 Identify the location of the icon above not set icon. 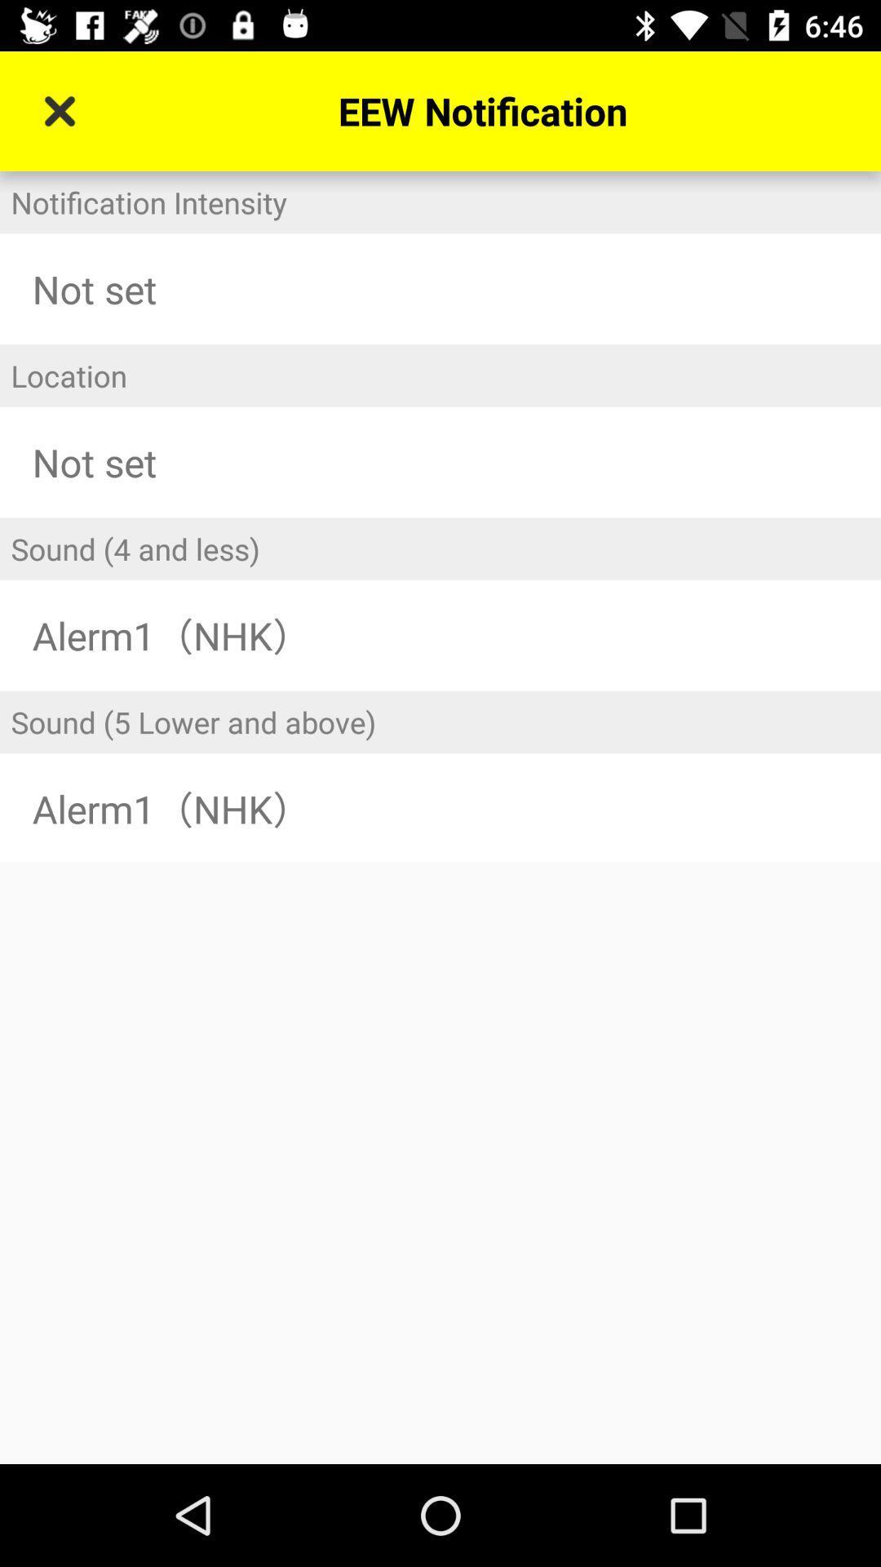
(440, 375).